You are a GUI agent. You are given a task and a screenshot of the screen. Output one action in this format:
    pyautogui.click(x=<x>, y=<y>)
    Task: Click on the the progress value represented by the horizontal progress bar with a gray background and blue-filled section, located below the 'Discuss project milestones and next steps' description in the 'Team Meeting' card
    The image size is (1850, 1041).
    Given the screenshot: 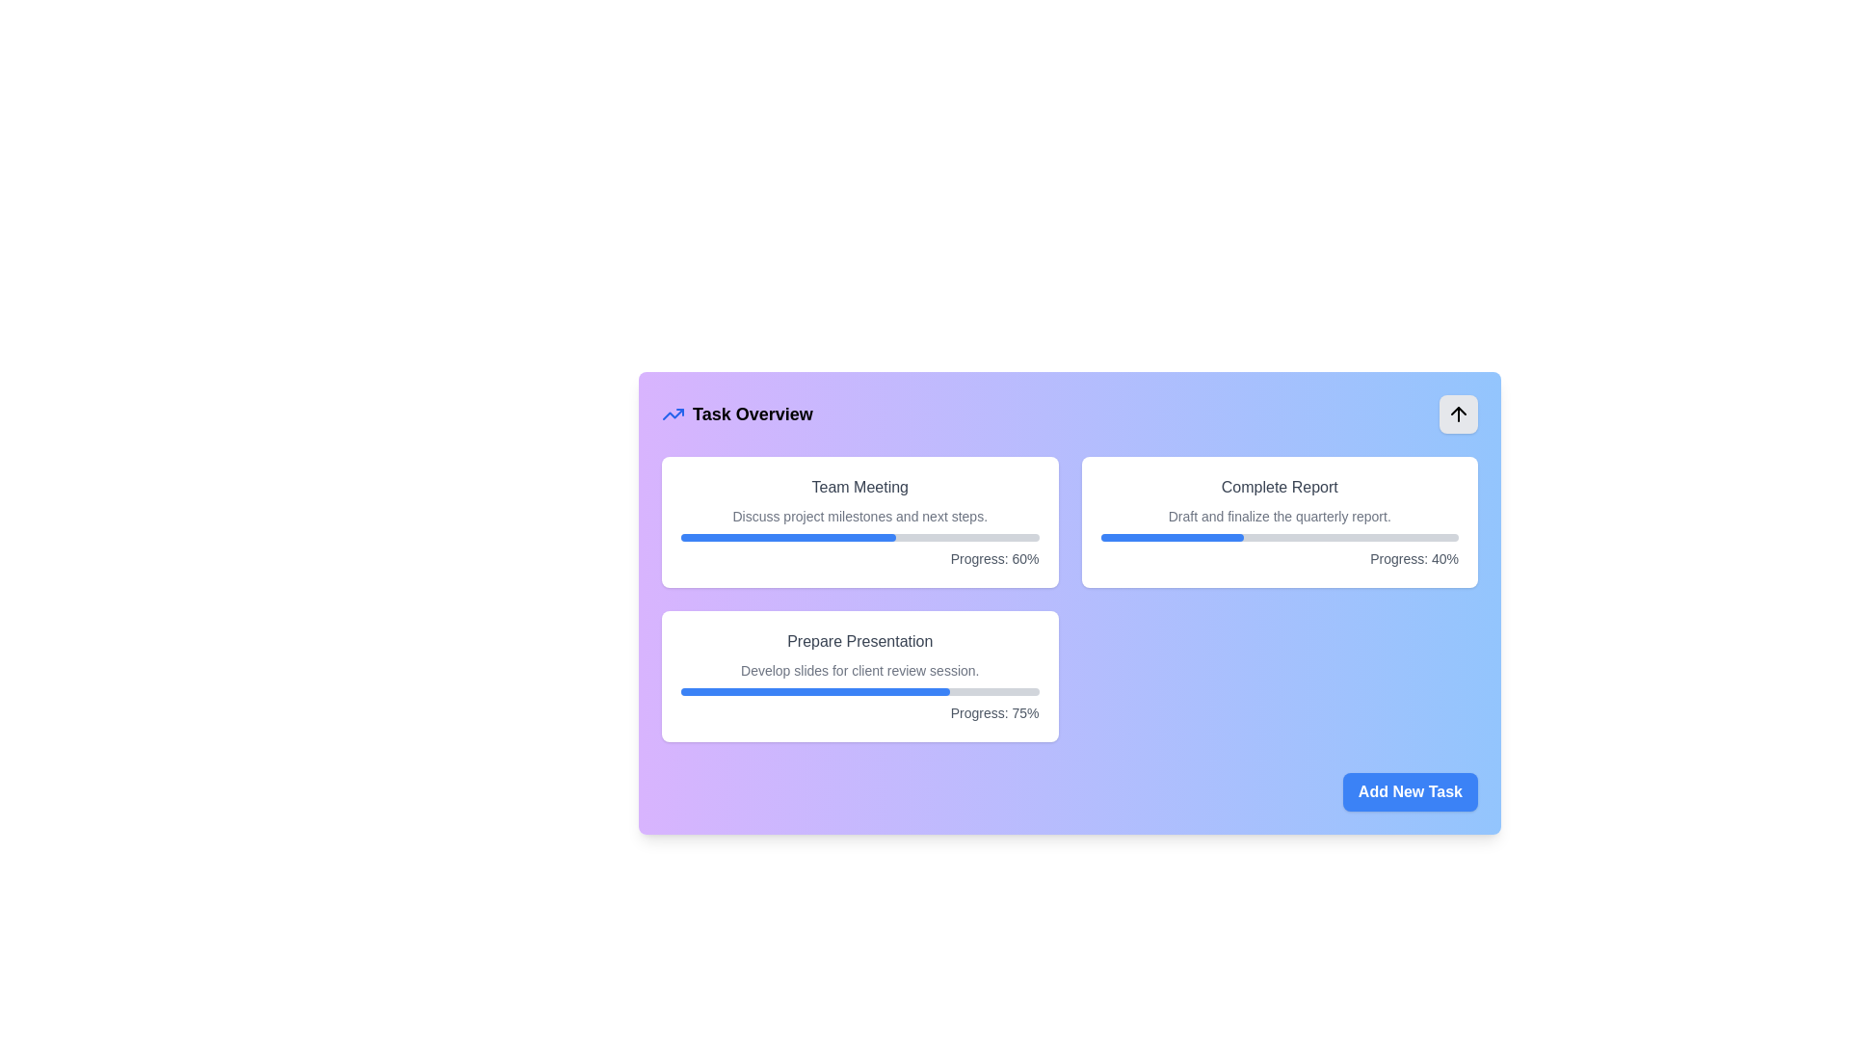 What is the action you would take?
    pyautogui.click(x=859, y=538)
    